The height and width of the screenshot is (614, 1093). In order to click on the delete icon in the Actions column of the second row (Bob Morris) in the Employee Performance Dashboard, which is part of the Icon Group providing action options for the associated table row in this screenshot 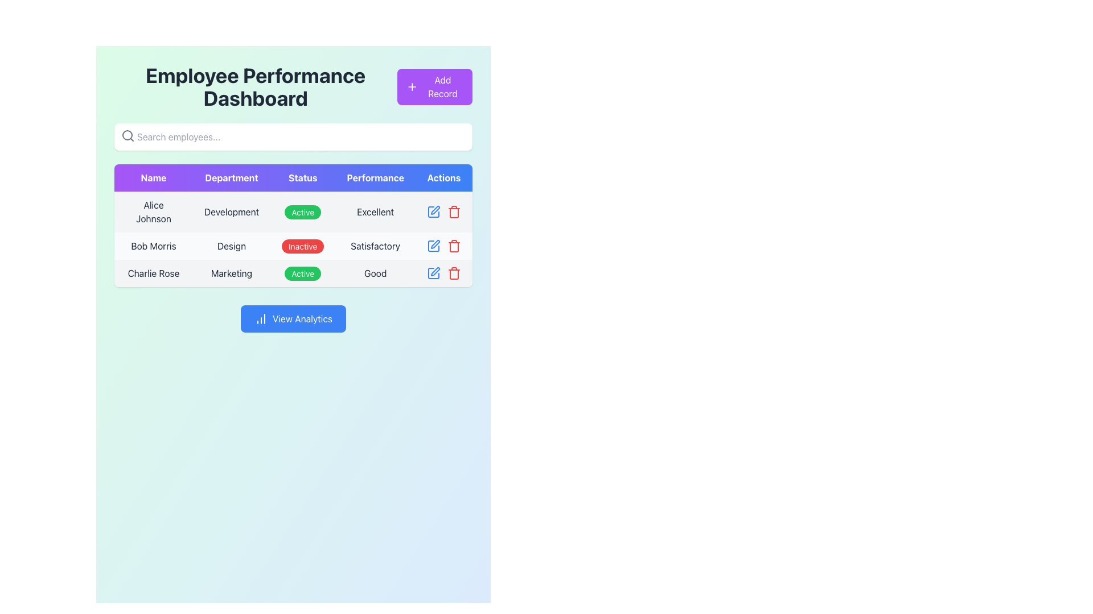, I will do `click(443, 245)`.